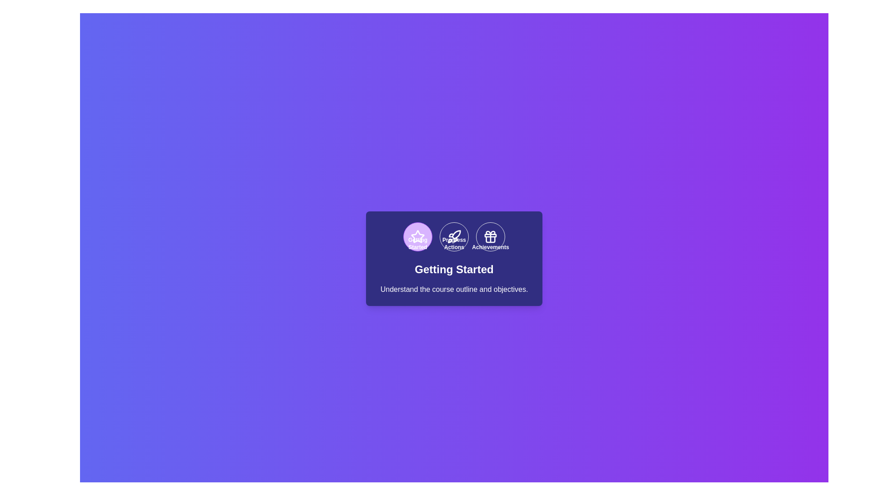  What do you see at coordinates (417, 236) in the screenshot?
I see `the step Getting Started in the stepper` at bounding box center [417, 236].